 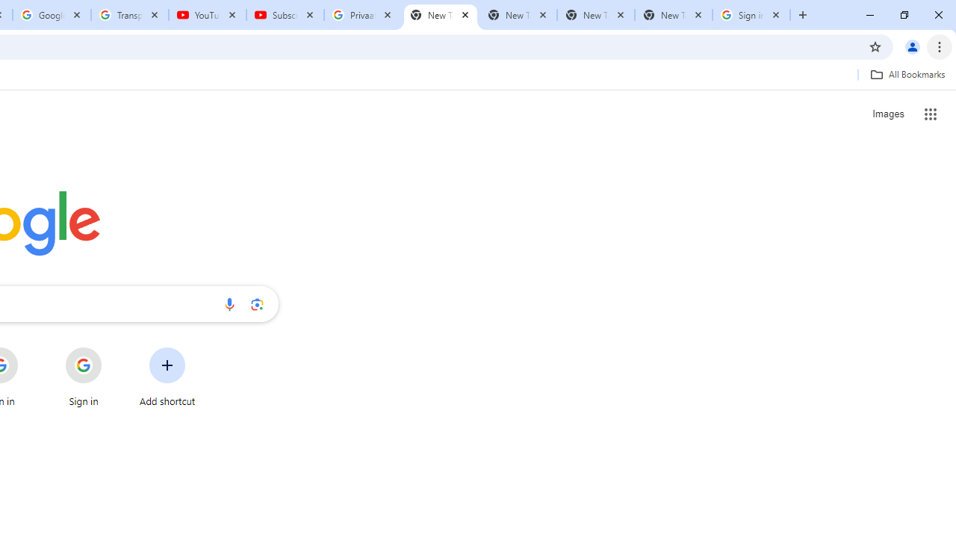 What do you see at coordinates (907, 74) in the screenshot?
I see `'All Bookmarks'` at bounding box center [907, 74].